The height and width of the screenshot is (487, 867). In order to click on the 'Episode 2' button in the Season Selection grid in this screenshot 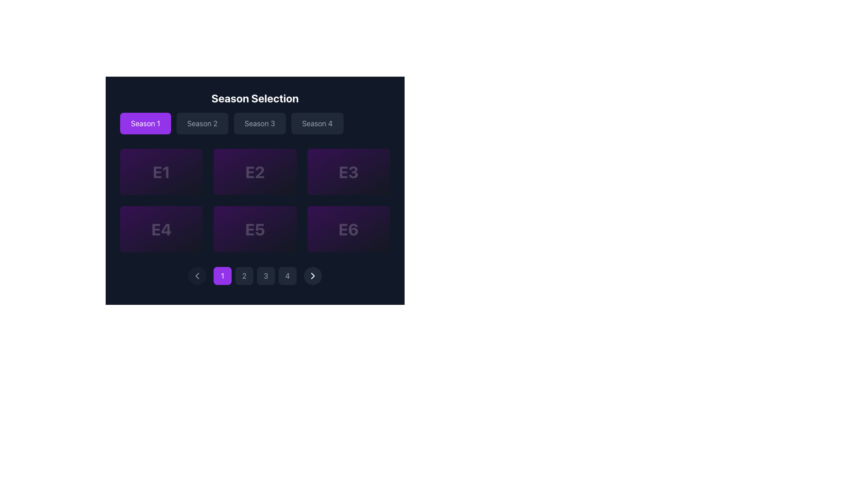, I will do `click(255, 185)`.